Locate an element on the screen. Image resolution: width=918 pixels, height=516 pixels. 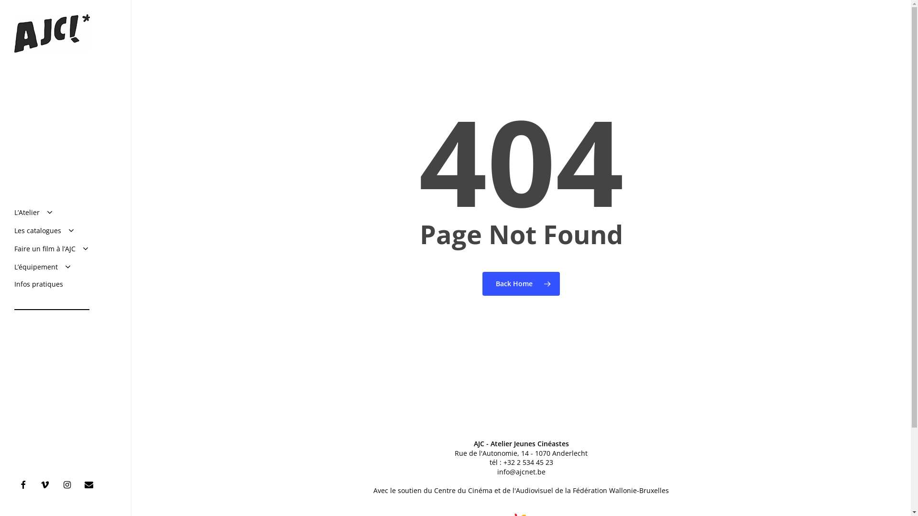
'Les catalogues' is located at coordinates (44, 230).